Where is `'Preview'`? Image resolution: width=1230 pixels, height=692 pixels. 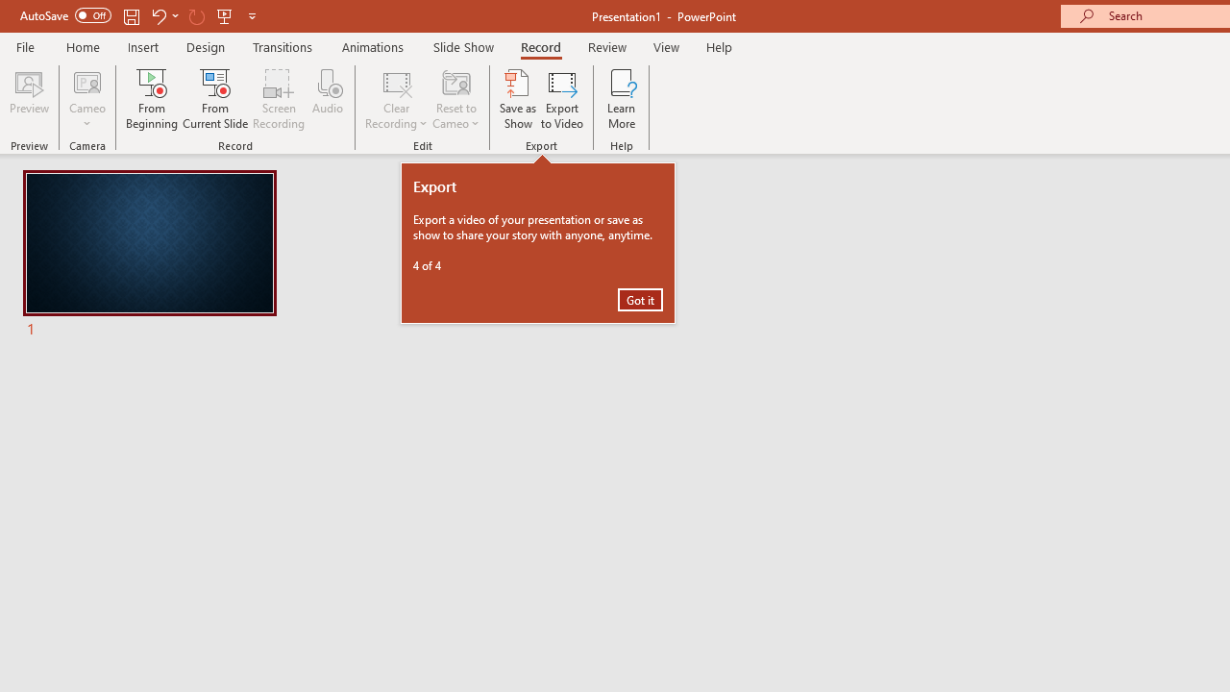
'Preview' is located at coordinates (29, 99).